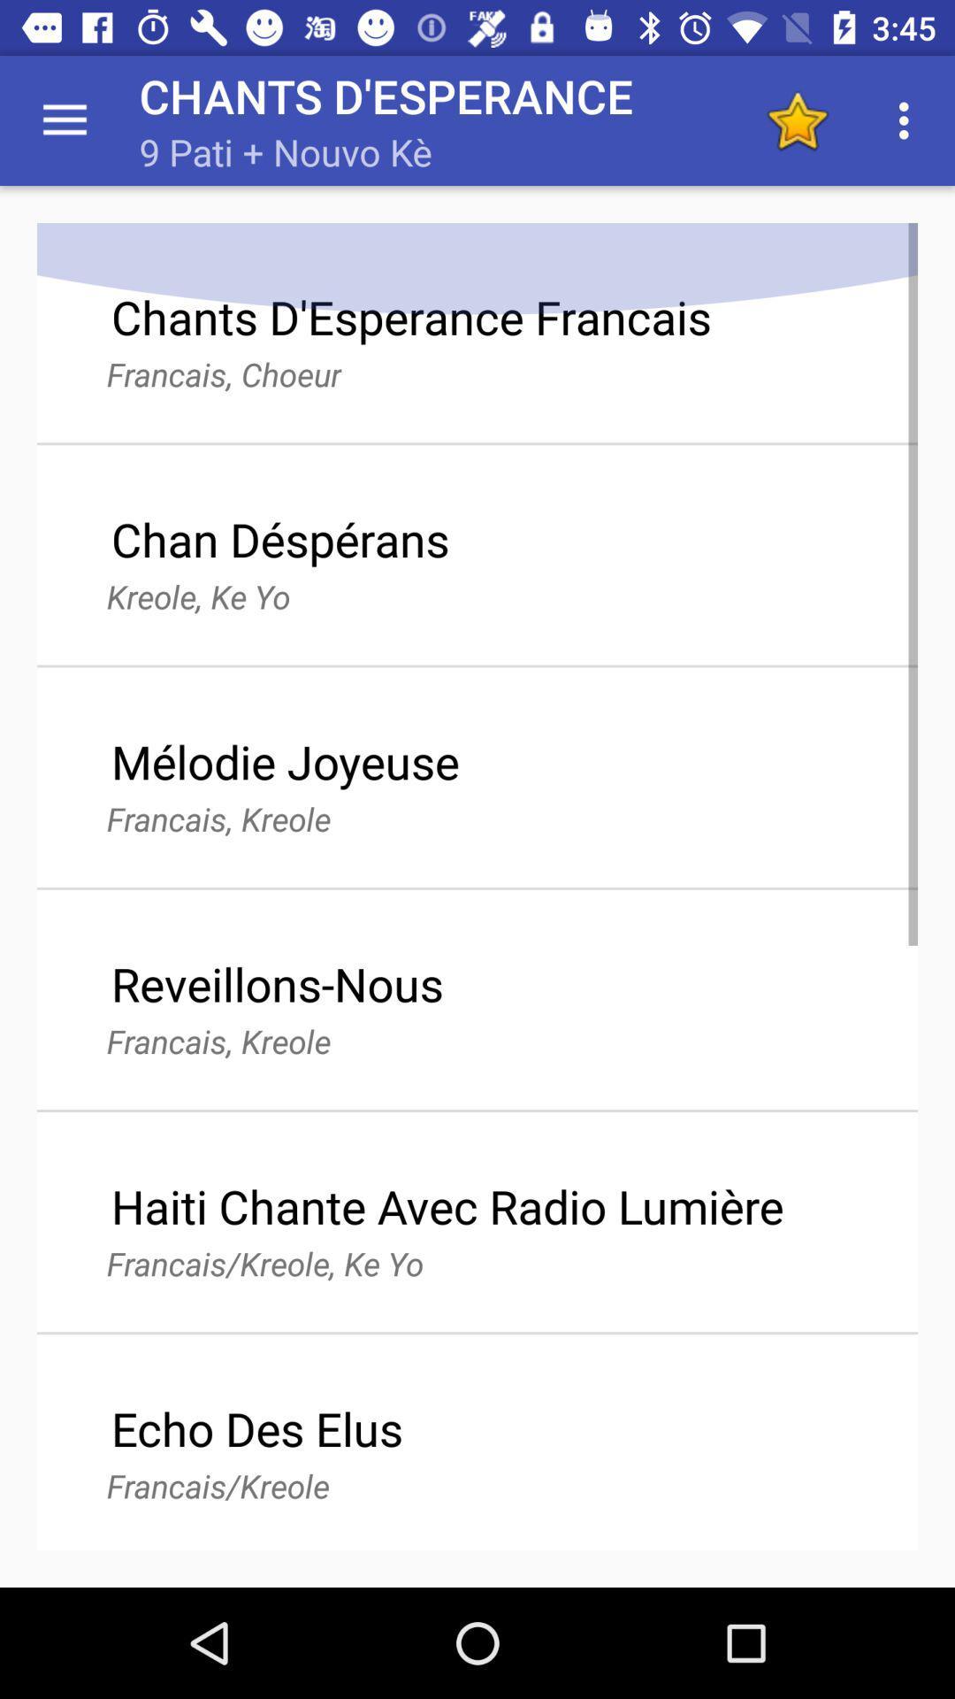 This screenshot has height=1699, width=955. I want to click on icon above the kreole, ke yo icon, so click(279, 538).